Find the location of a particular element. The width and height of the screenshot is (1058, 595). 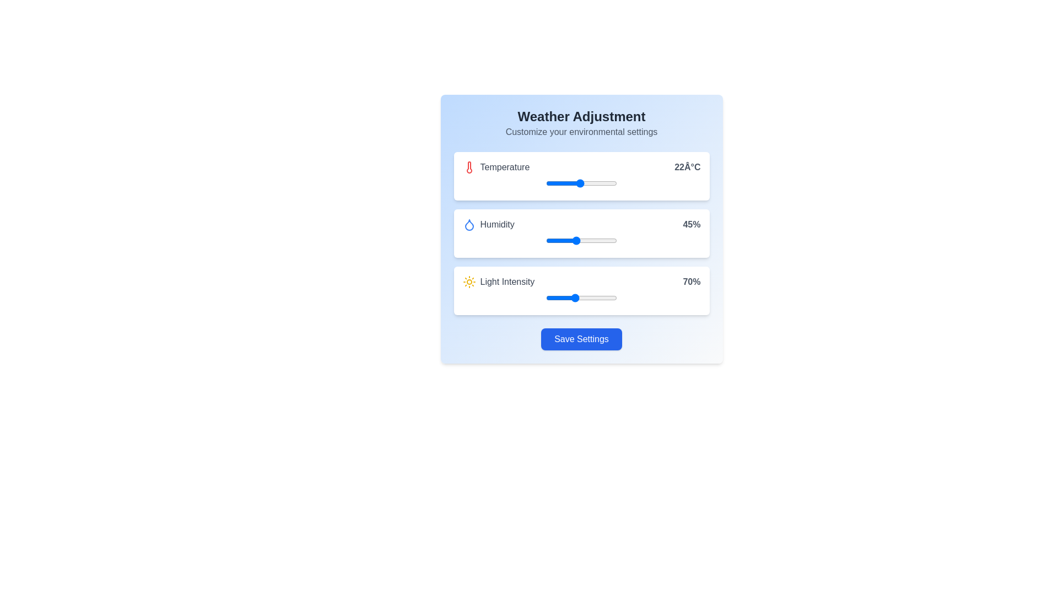

the red thermometer icon representing the 'Temperature' setting, located in the 'Temperature' section of the interface is located at coordinates (469, 167).